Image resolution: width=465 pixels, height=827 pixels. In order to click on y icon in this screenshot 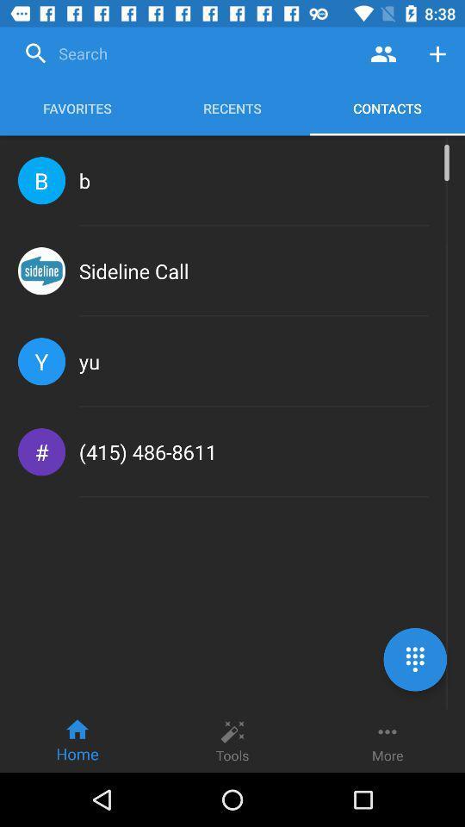, I will do `click(41, 360)`.